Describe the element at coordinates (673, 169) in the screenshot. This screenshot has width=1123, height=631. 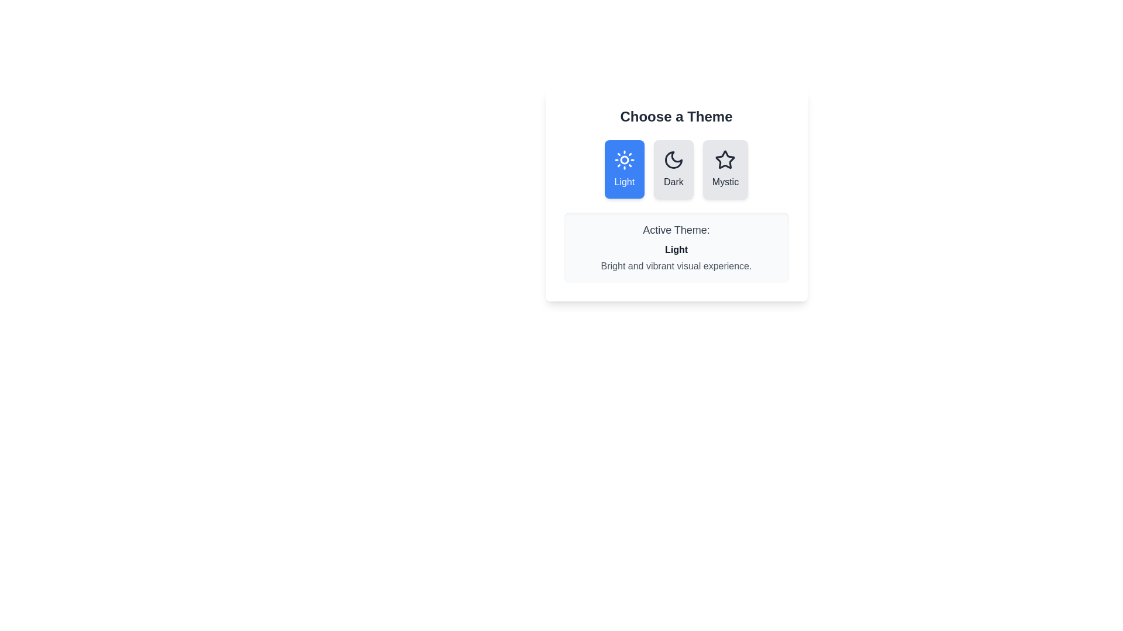
I see `the button labeled Dark to select the corresponding theme` at that location.